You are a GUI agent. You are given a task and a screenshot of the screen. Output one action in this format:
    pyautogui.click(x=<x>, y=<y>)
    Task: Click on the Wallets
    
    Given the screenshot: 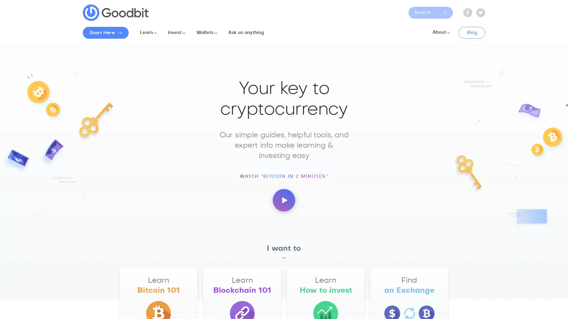 What is the action you would take?
    pyautogui.click(x=206, y=32)
    